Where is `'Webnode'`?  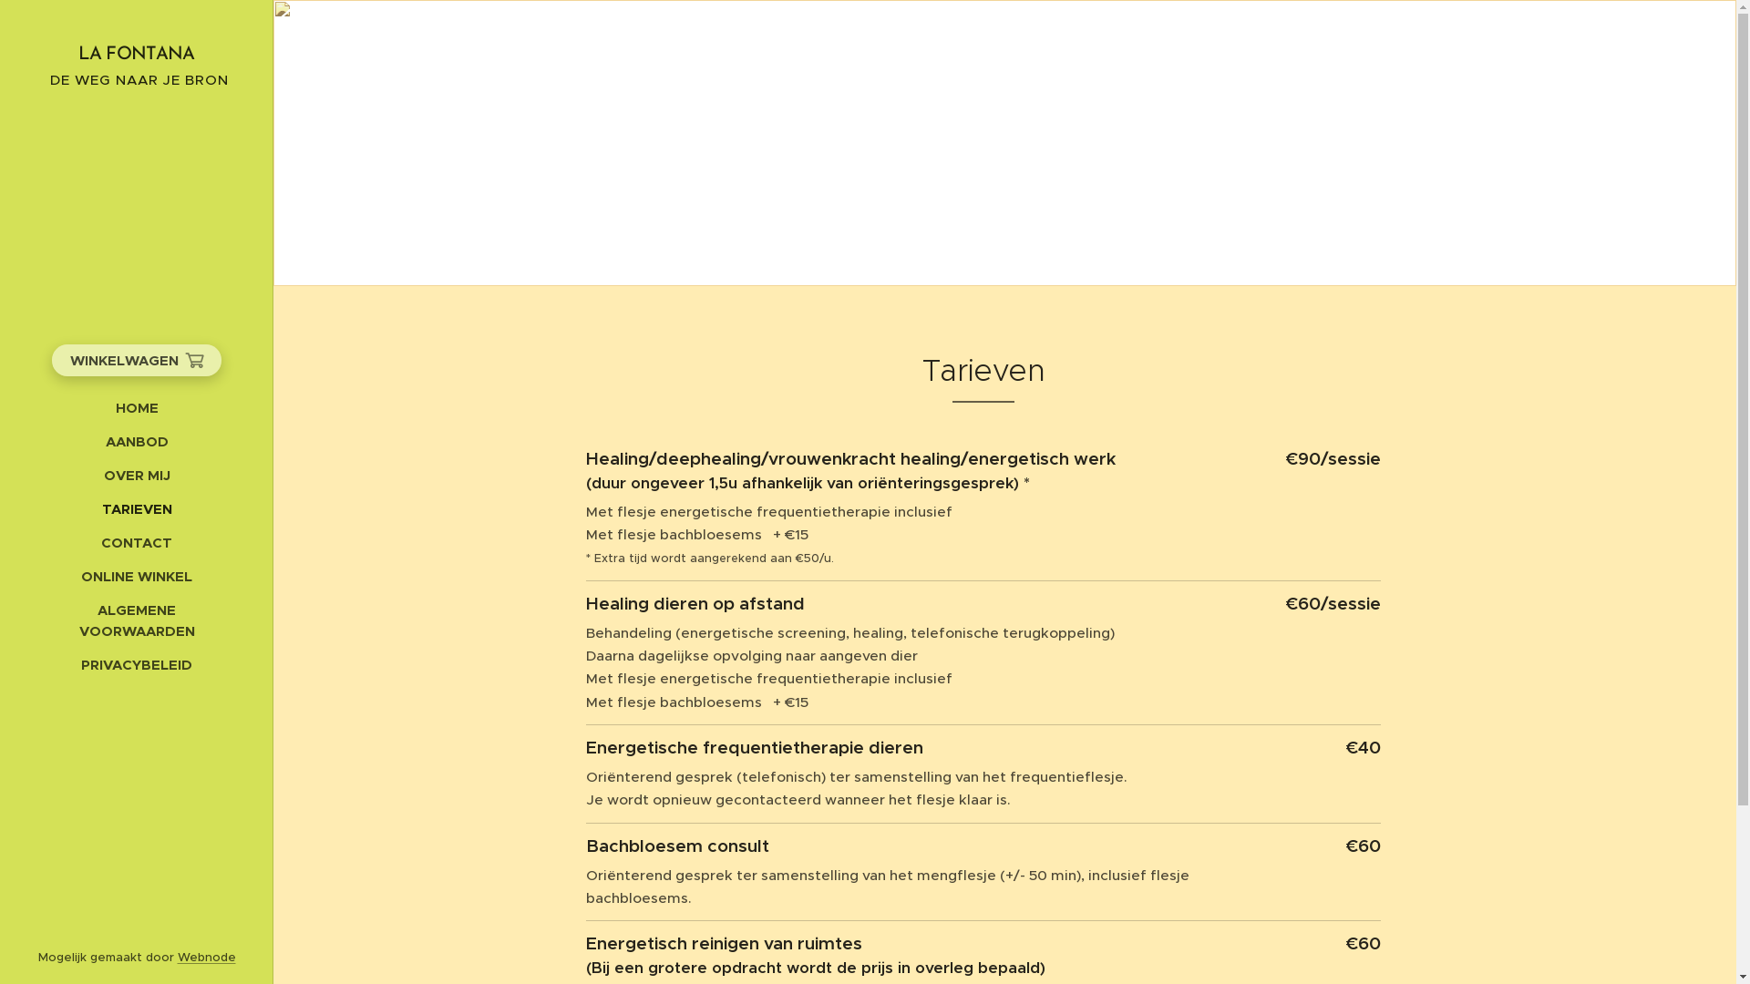 'Webnode' is located at coordinates (205, 956).